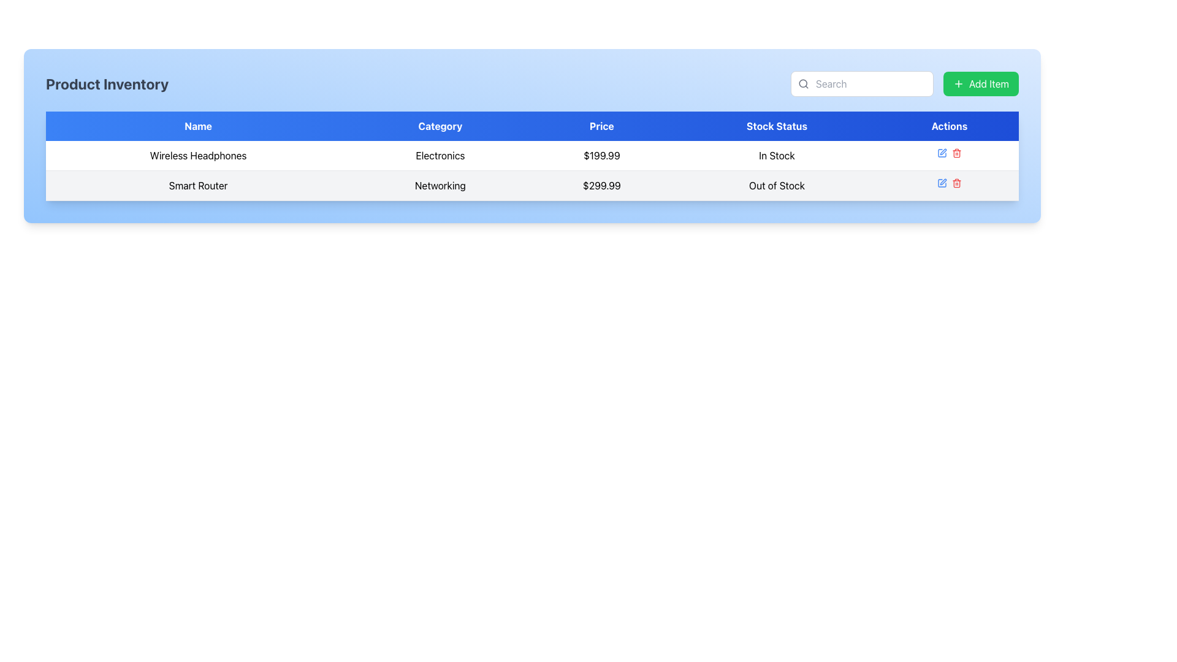 The height and width of the screenshot is (662, 1177). Describe the element at coordinates (776, 155) in the screenshot. I see `the Text label indicating stock availability in the first row of the table, which is located in the last cell of the fourth column ("Stock Status") adjacent to the price cell "$199.99"` at that location.